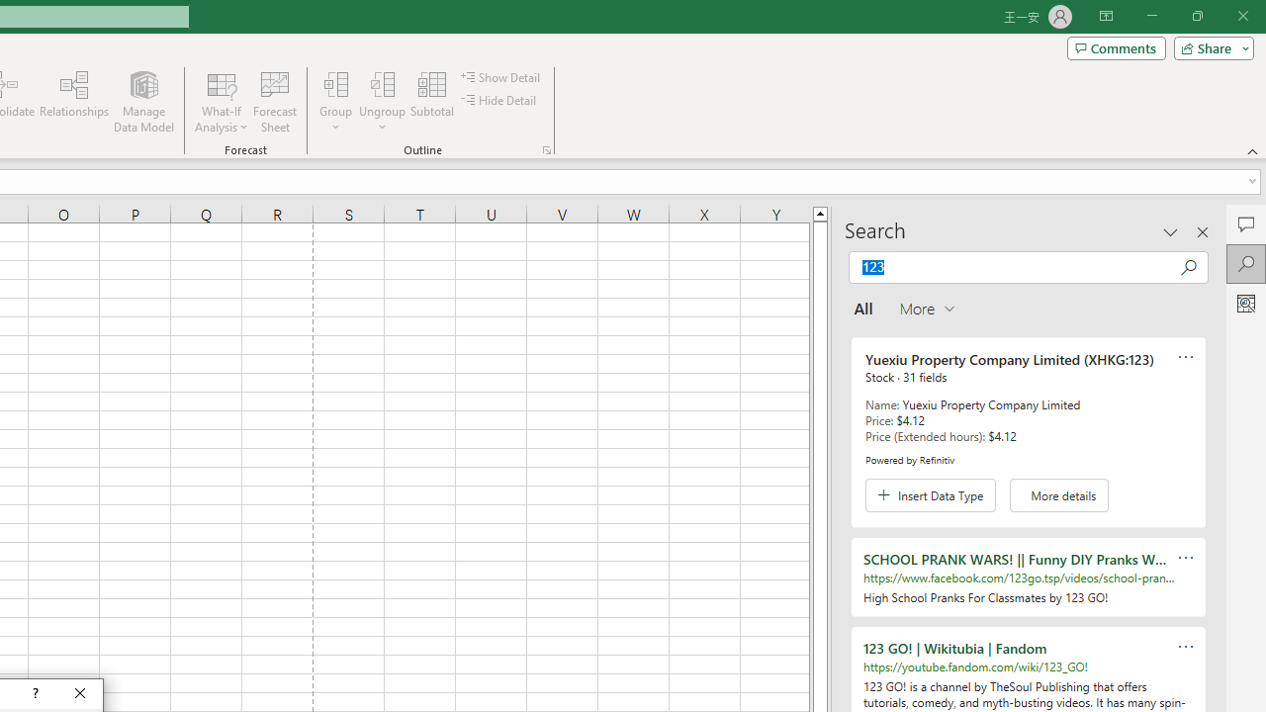  What do you see at coordinates (546, 148) in the screenshot?
I see `'Group and Outline Settings'` at bounding box center [546, 148].